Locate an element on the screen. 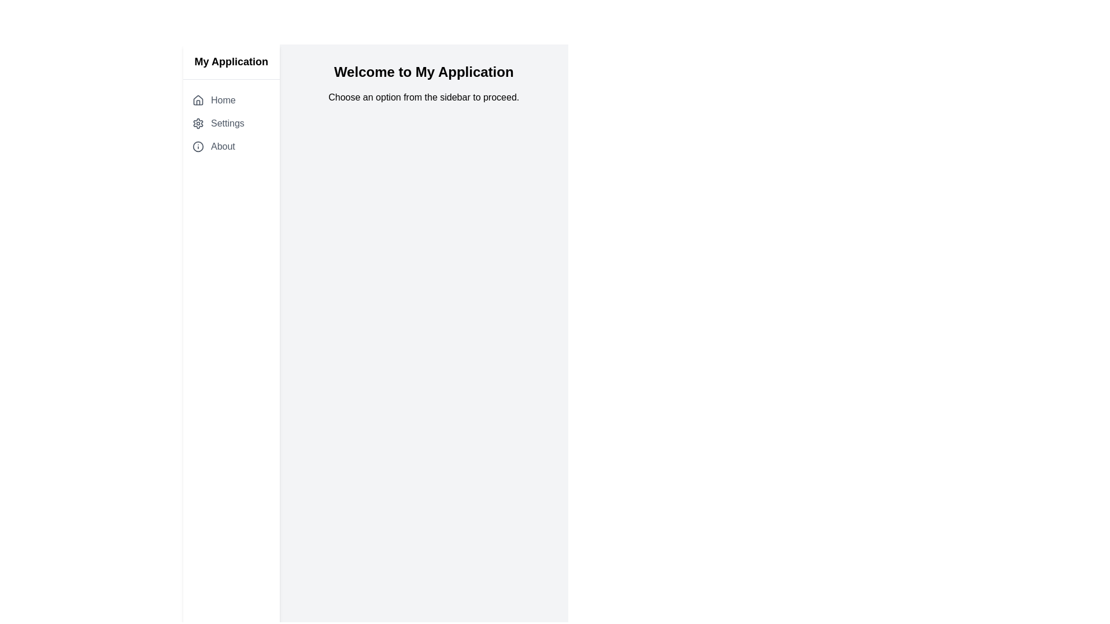 Image resolution: width=1110 pixels, height=624 pixels. the gear icon located in the vertical navigation menu on the left side, which is positioned beneath the 'Home' icon and above the 'About' icon is located at coordinates (198, 123).